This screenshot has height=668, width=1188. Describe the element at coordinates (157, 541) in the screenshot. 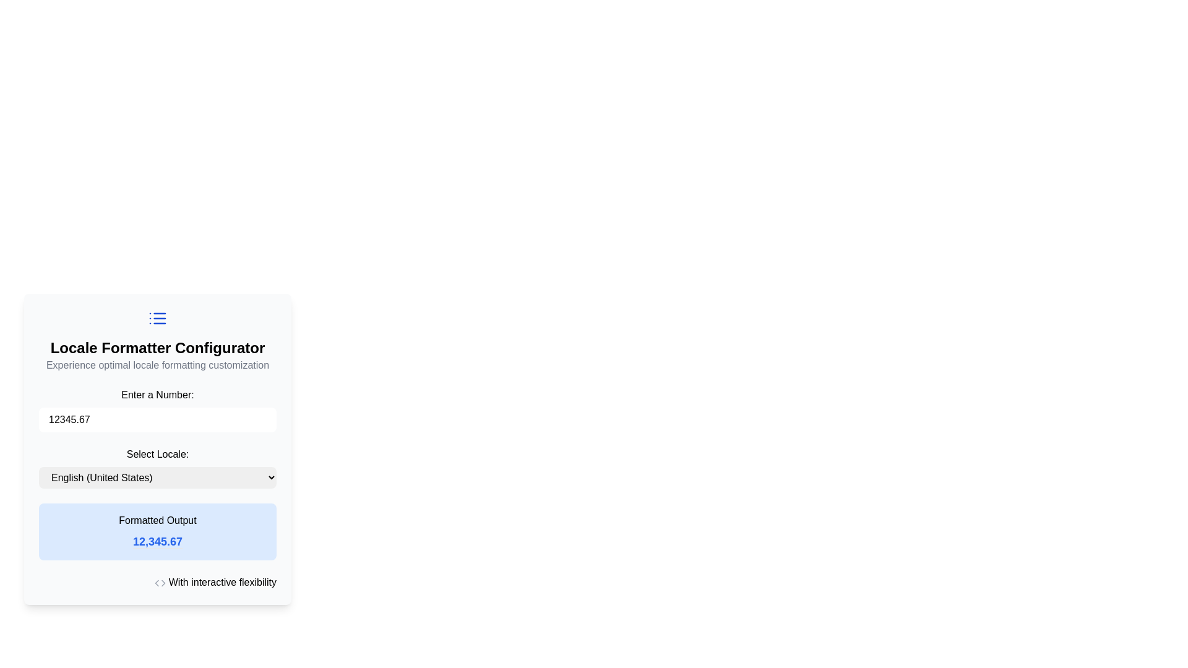

I see `formatted value displayed in the Text display located within the blue background section labeled 'Formatted Output', which is positioned directly below the heading 'Formatted Output'` at that location.